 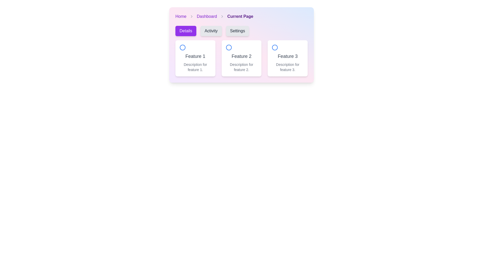 What do you see at coordinates (241, 44) in the screenshot?
I see `information presented on the Informational card titled 'Feature 2', which is the middle card in a grid of three similar elements` at bounding box center [241, 44].